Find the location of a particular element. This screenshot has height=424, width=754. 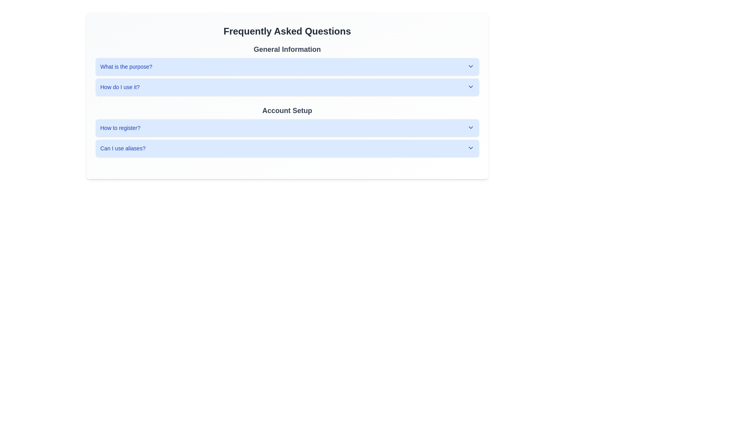

the question title 'How do I use it?' in the FAQ section is located at coordinates (119, 87).